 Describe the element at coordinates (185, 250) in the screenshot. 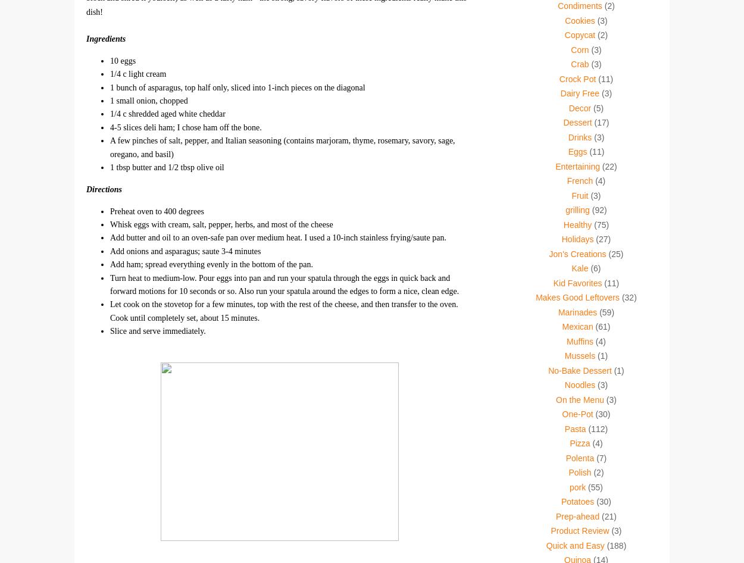

I see `'Add onions and asparagus; saute 3-4 minutes'` at that location.